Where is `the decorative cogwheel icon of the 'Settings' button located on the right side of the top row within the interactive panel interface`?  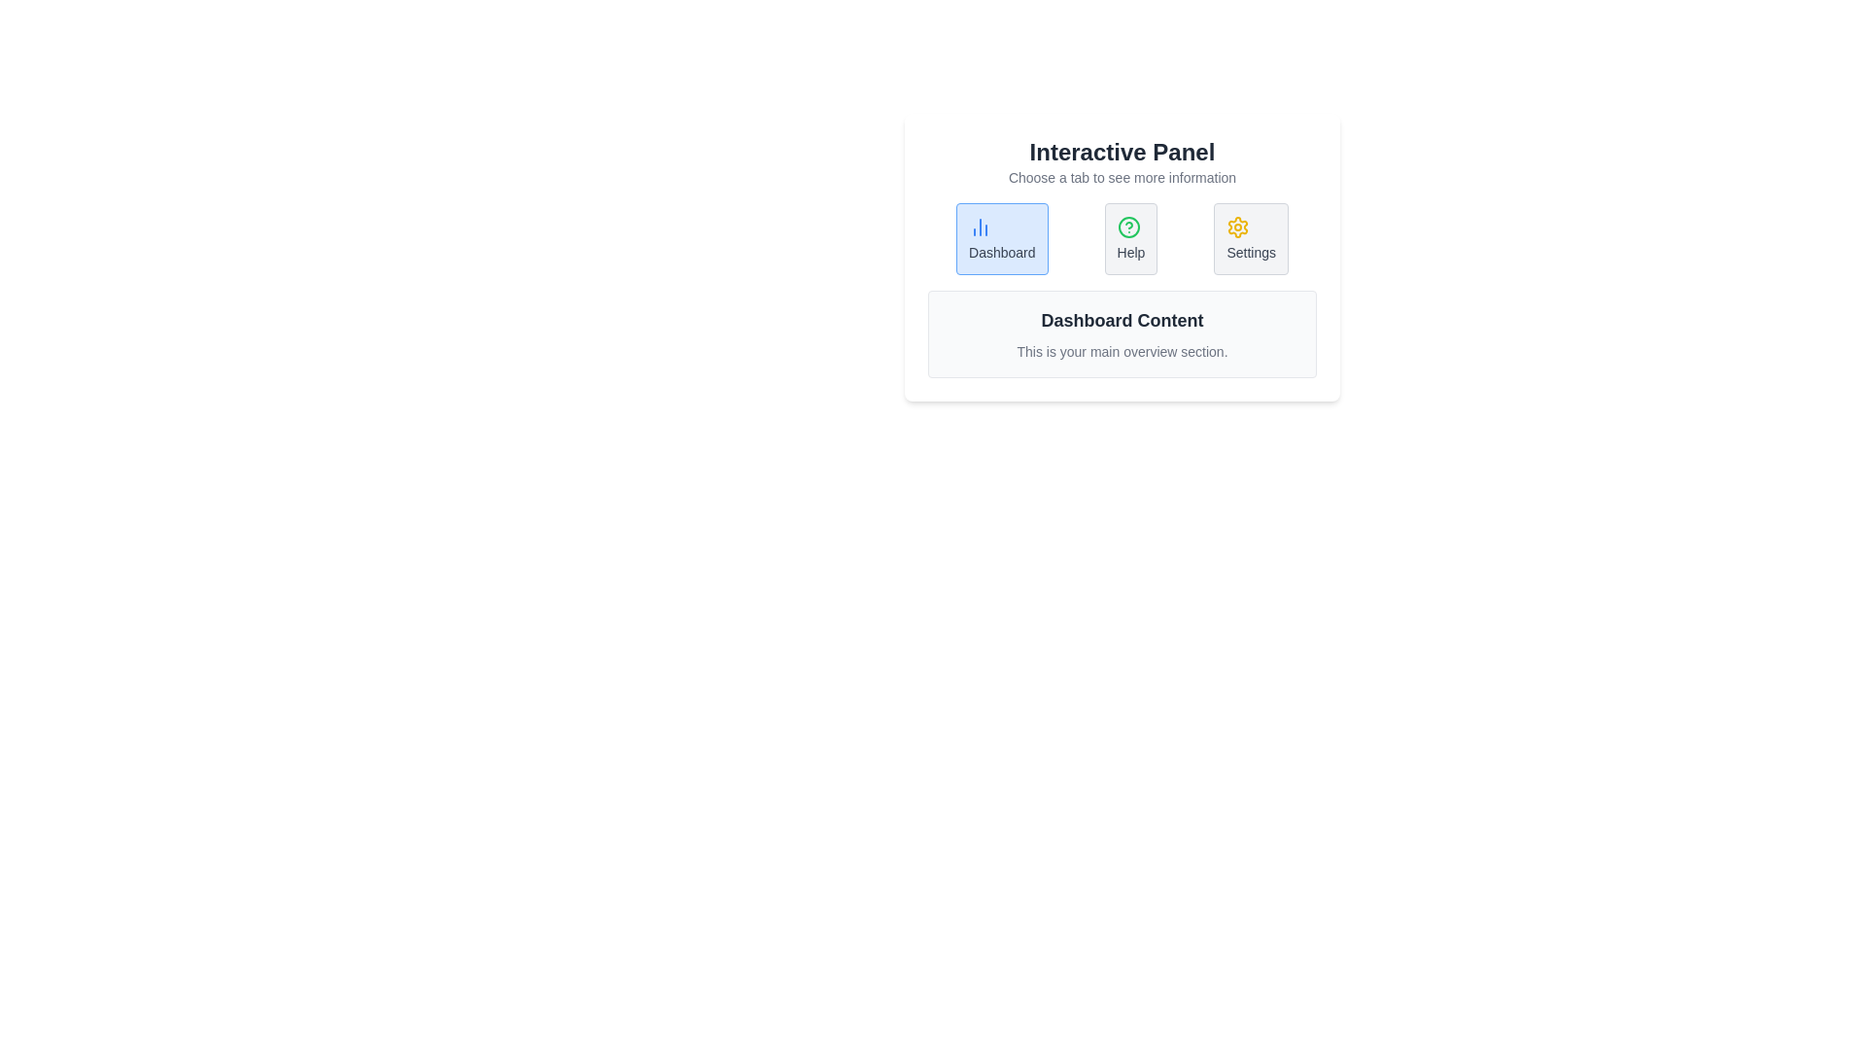
the decorative cogwheel icon of the 'Settings' button located on the right side of the top row within the interactive panel interface is located at coordinates (1237, 227).